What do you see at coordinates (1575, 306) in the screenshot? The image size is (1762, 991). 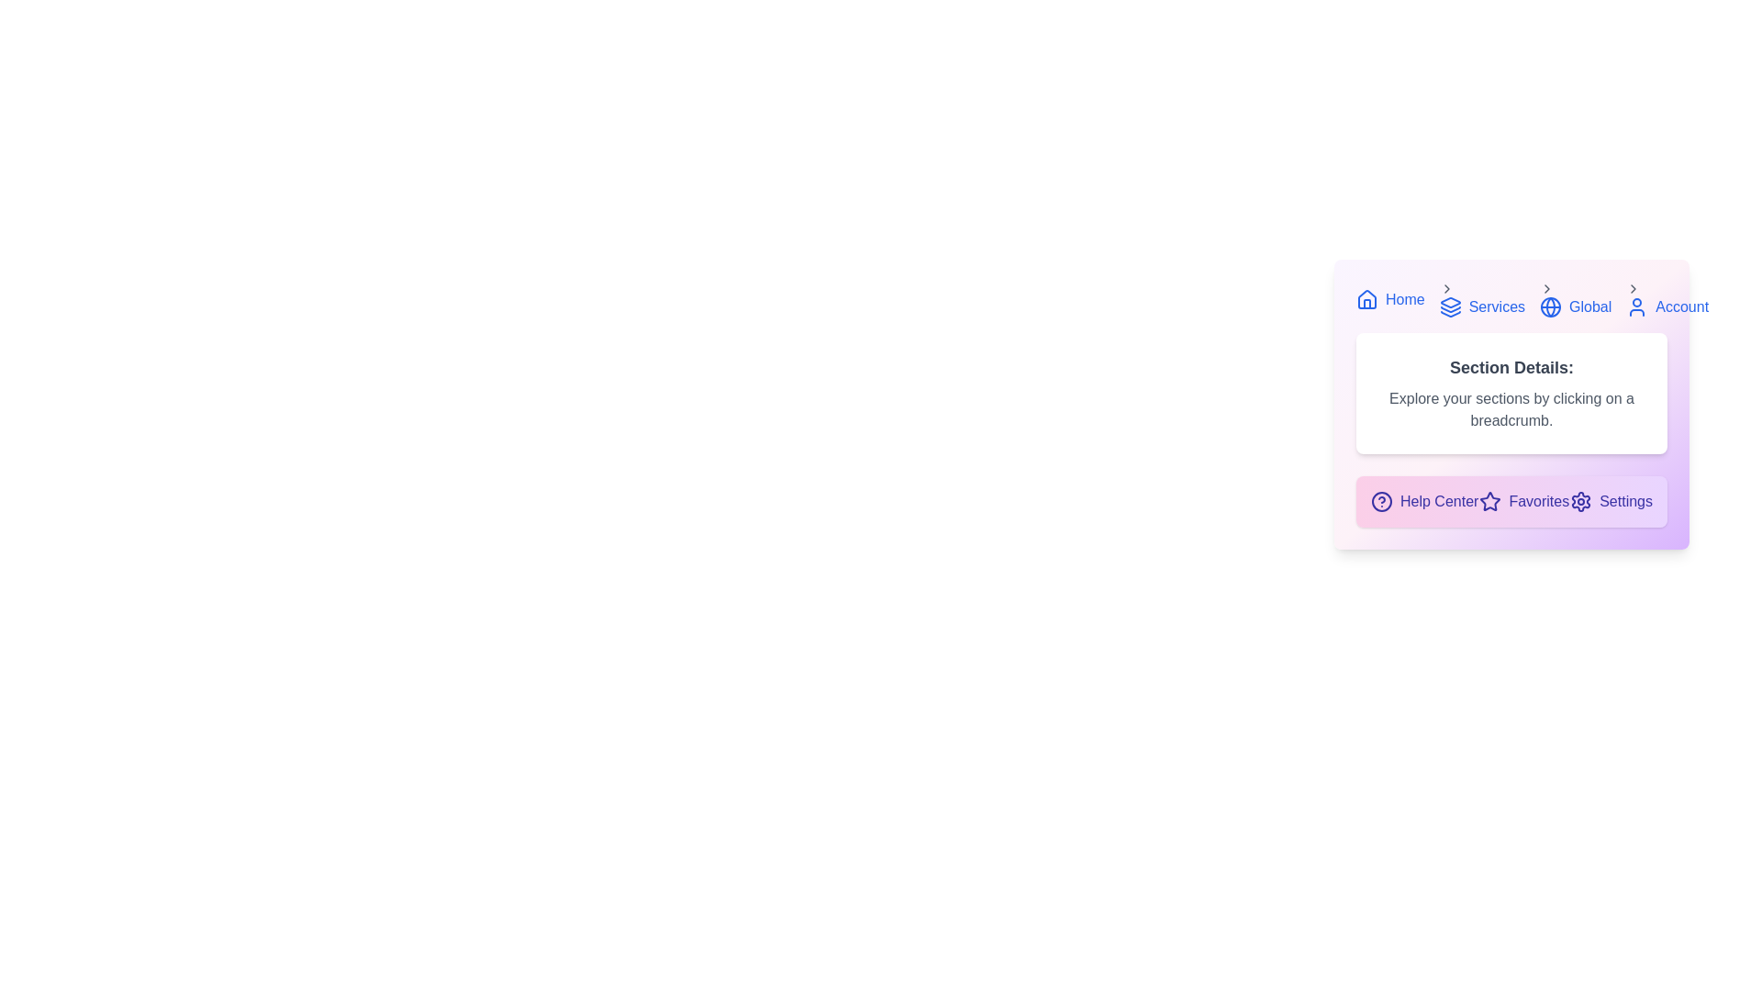 I see `the hyperlink styled with the text 'Global' located in the breadcrumb navigation bar between 'Services' and 'Account'` at bounding box center [1575, 306].